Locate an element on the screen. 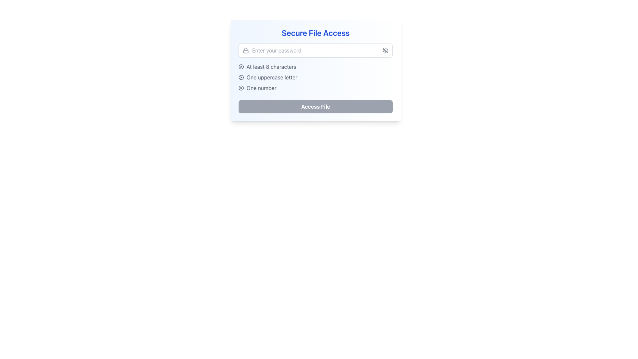 The width and height of the screenshot is (638, 359). the third Text Label that describes the requirement for including at least one numeric character in the password, positioned below the 'One uppercase letter' item and above the 'Access File' button is located at coordinates (261, 88).